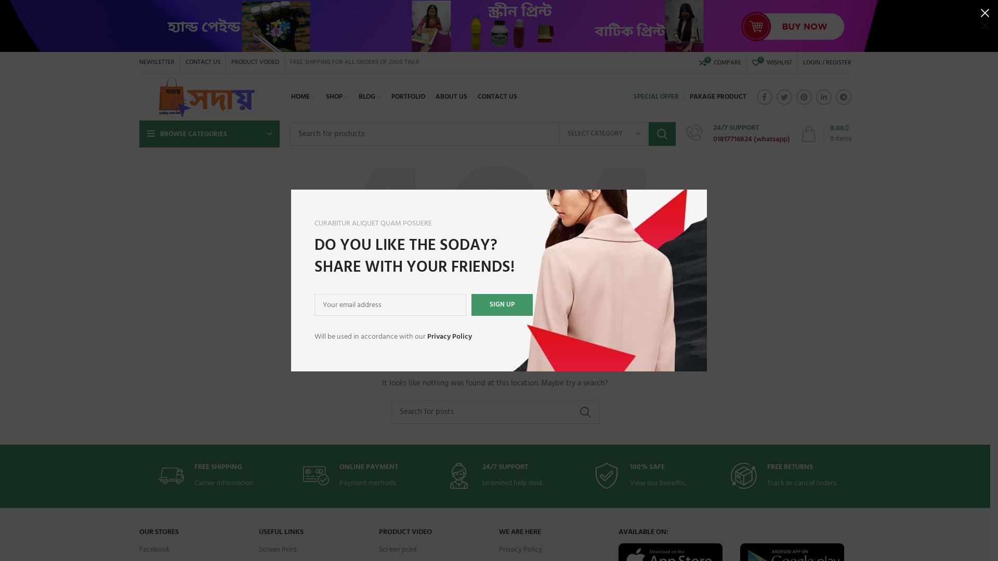  Describe the element at coordinates (496, 97) in the screenshot. I see `'CONTACT US'` at that location.